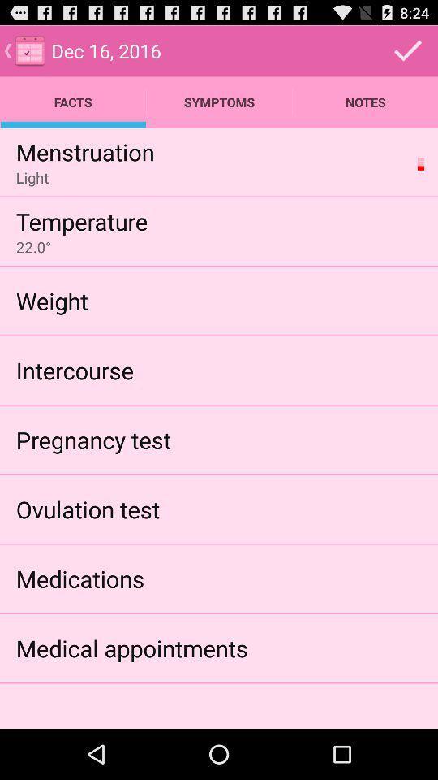 Image resolution: width=438 pixels, height=780 pixels. What do you see at coordinates (407, 50) in the screenshot?
I see `item above the notes` at bounding box center [407, 50].